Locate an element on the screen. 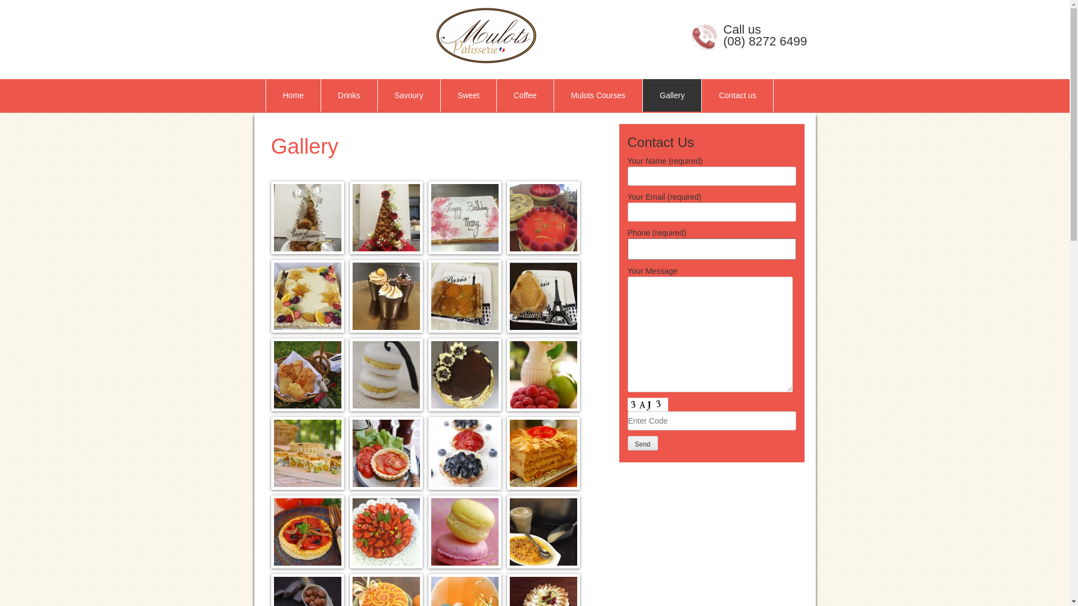  'Mulots Patisserie' is located at coordinates (403, 34).